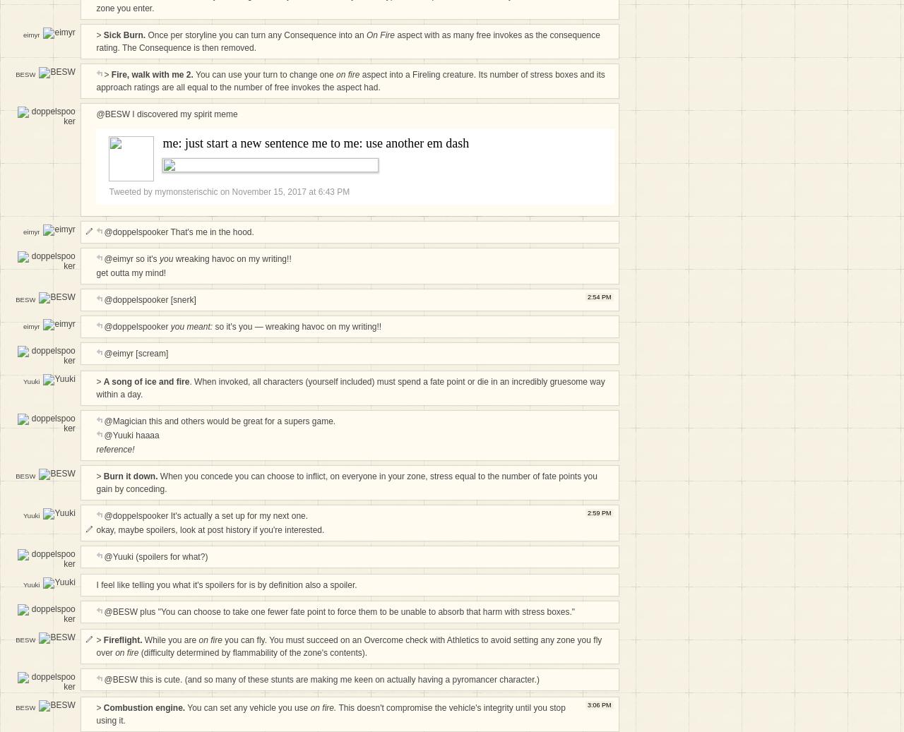 This screenshot has width=904, height=732. I want to click on 'You can use your turn to change one', so click(264, 73).